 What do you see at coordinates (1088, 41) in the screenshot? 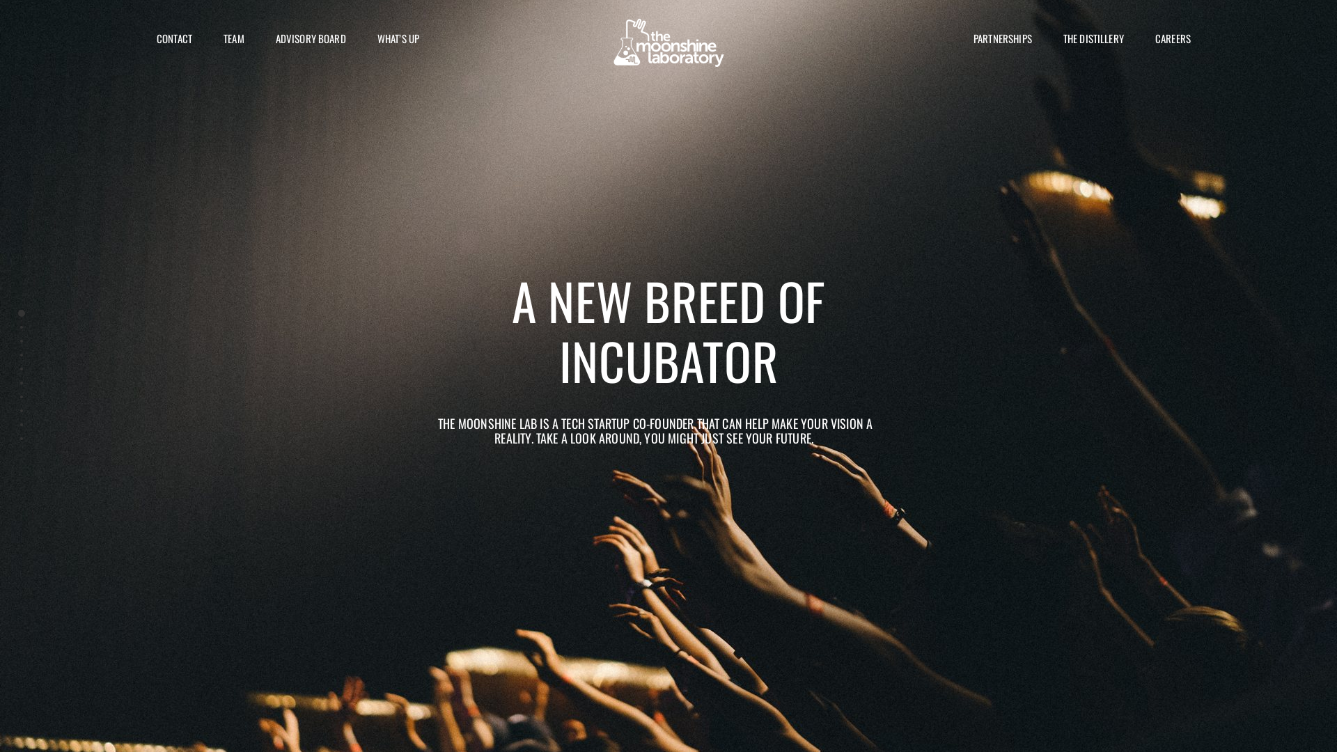
I see `'THE DISTILLERY'` at bounding box center [1088, 41].